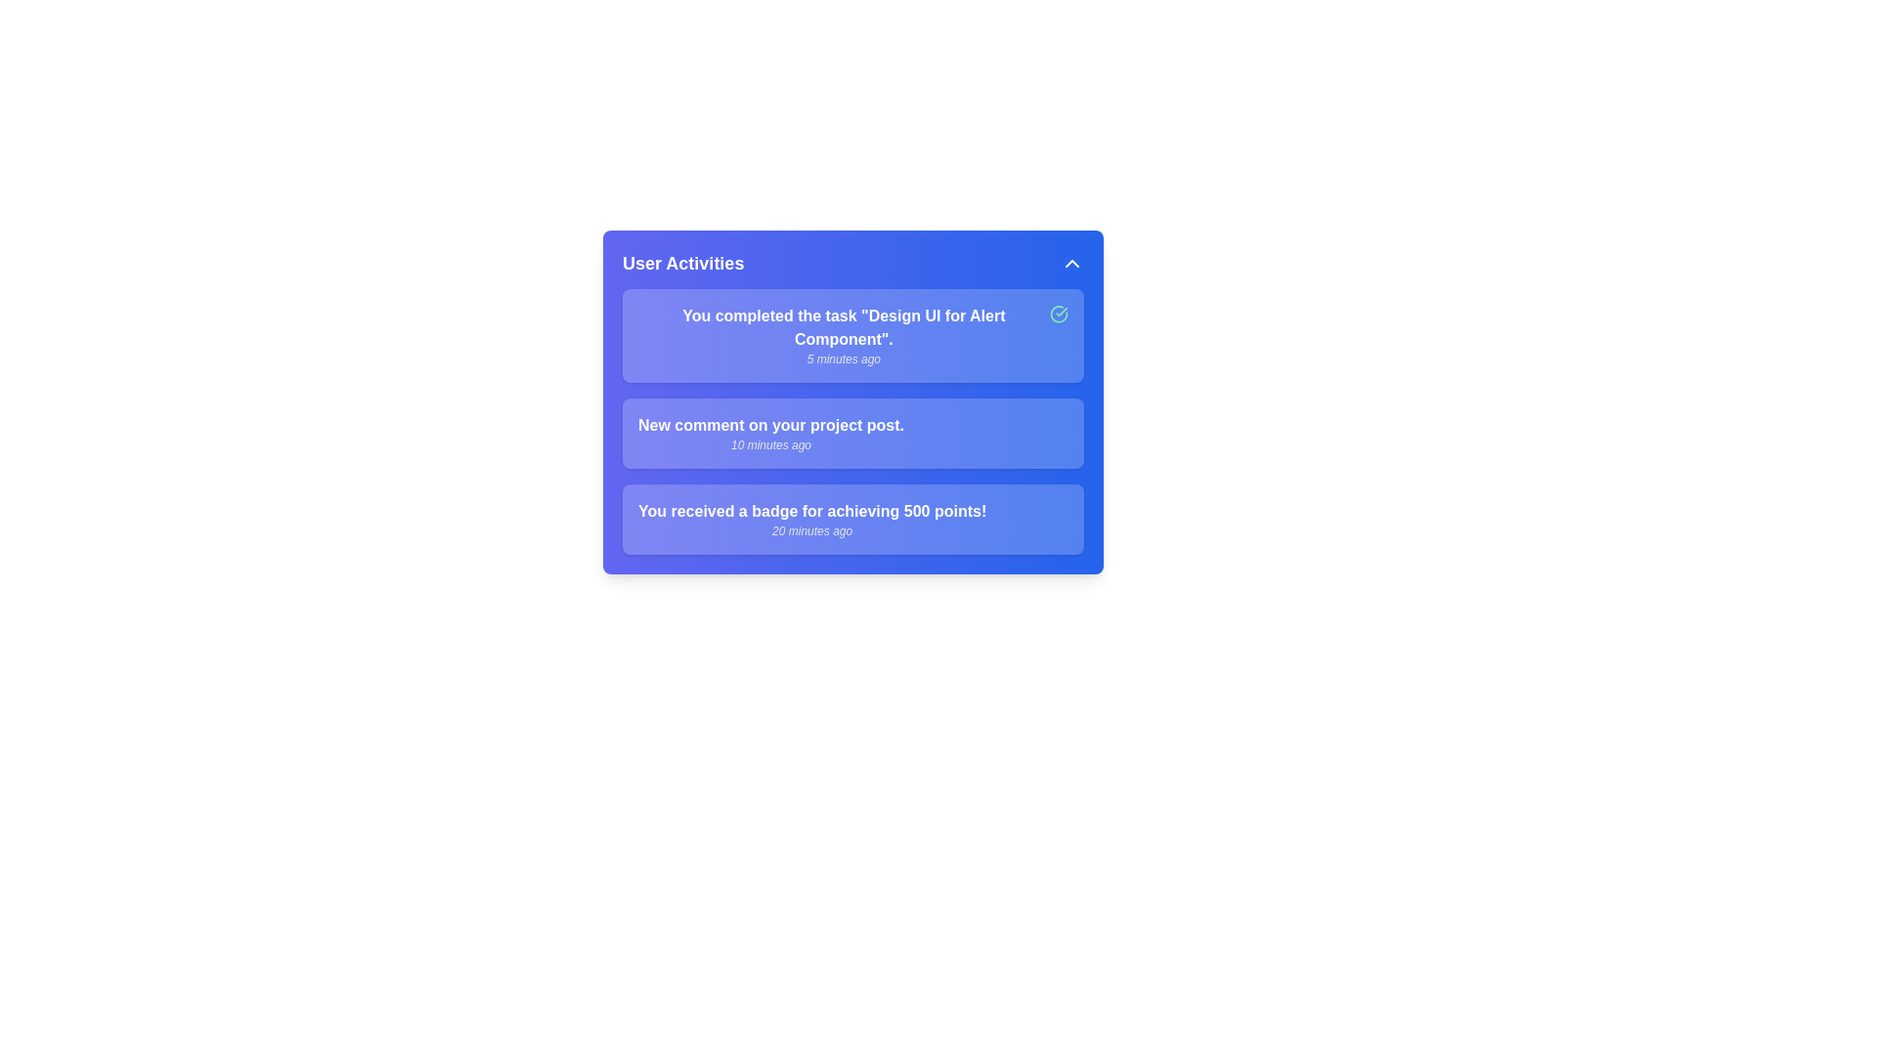 The image size is (1877, 1055). Describe the element at coordinates (853, 432) in the screenshot. I see `the second notification card in the 'User Activities' panel, which has a light blue background and displays the message 'New comment on your project post.'` at that location.